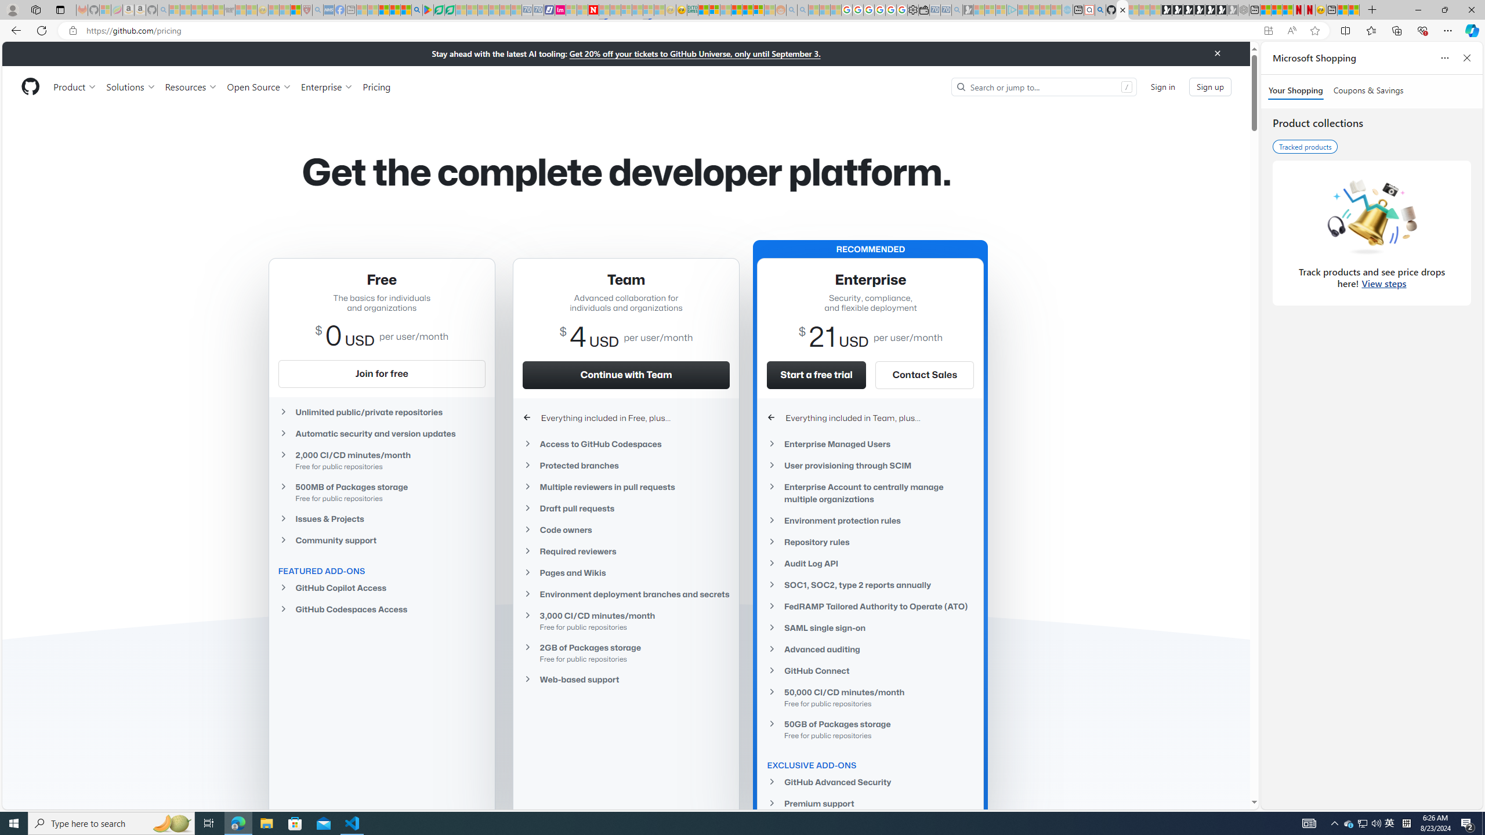 Image resolution: width=1485 pixels, height=835 pixels. What do you see at coordinates (870, 804) in the screenshot?
I see `'Premium support'` at bounding box center [870, 804].